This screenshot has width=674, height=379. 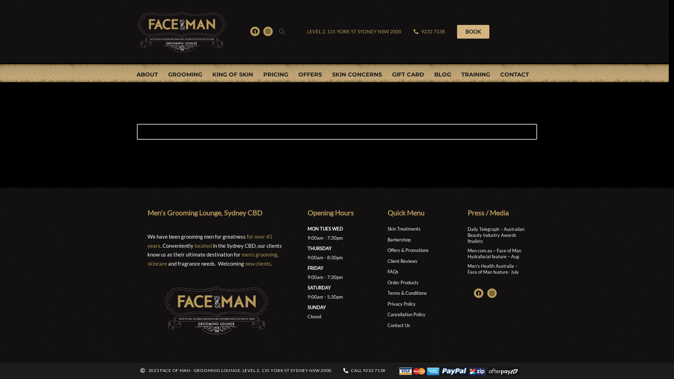 I want to click on 'TRAINING', so click(x=475, y=74).